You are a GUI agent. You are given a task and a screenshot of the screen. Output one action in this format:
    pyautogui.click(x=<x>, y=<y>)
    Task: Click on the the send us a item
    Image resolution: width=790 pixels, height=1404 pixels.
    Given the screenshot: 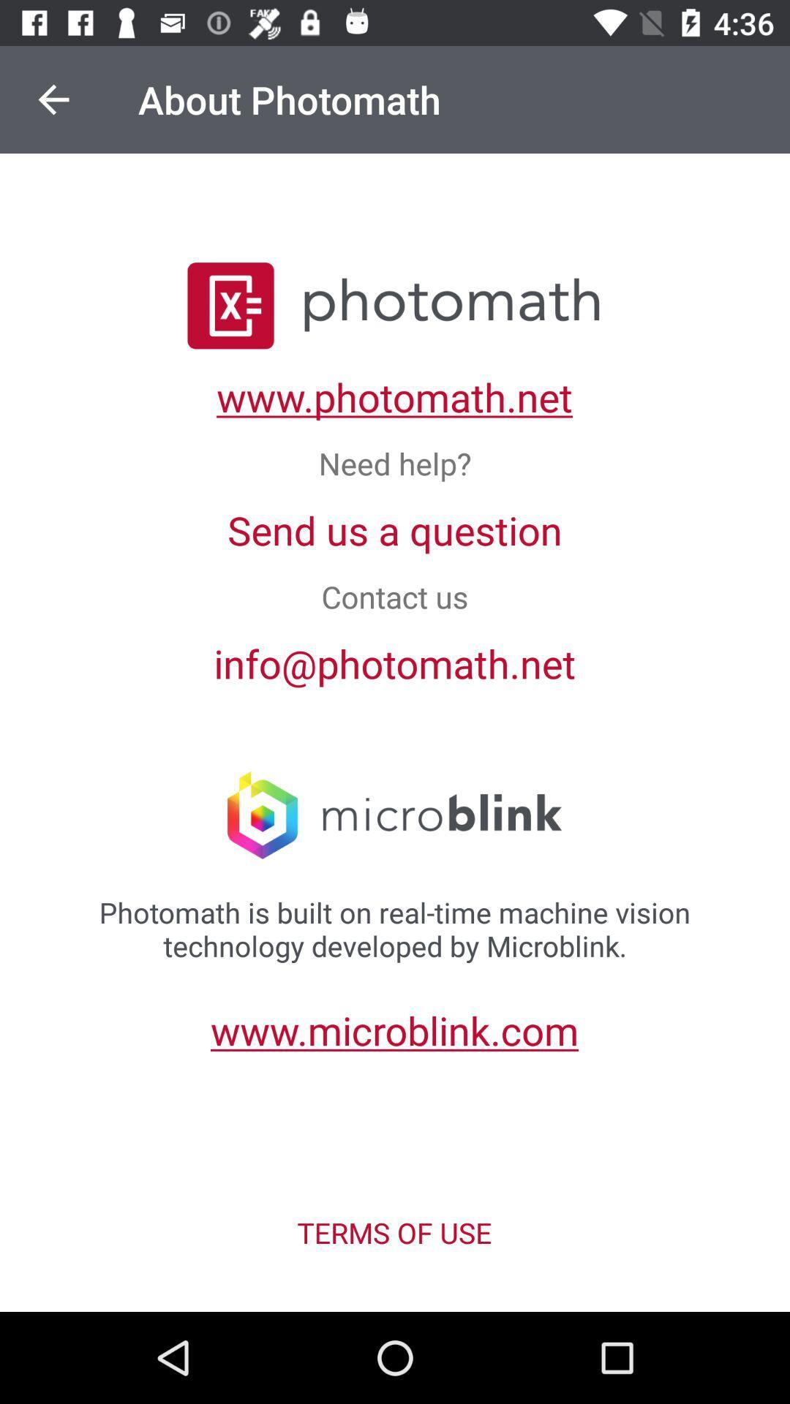 What is the action you would take?
    pyautogui.click(x=395, y=529)
    